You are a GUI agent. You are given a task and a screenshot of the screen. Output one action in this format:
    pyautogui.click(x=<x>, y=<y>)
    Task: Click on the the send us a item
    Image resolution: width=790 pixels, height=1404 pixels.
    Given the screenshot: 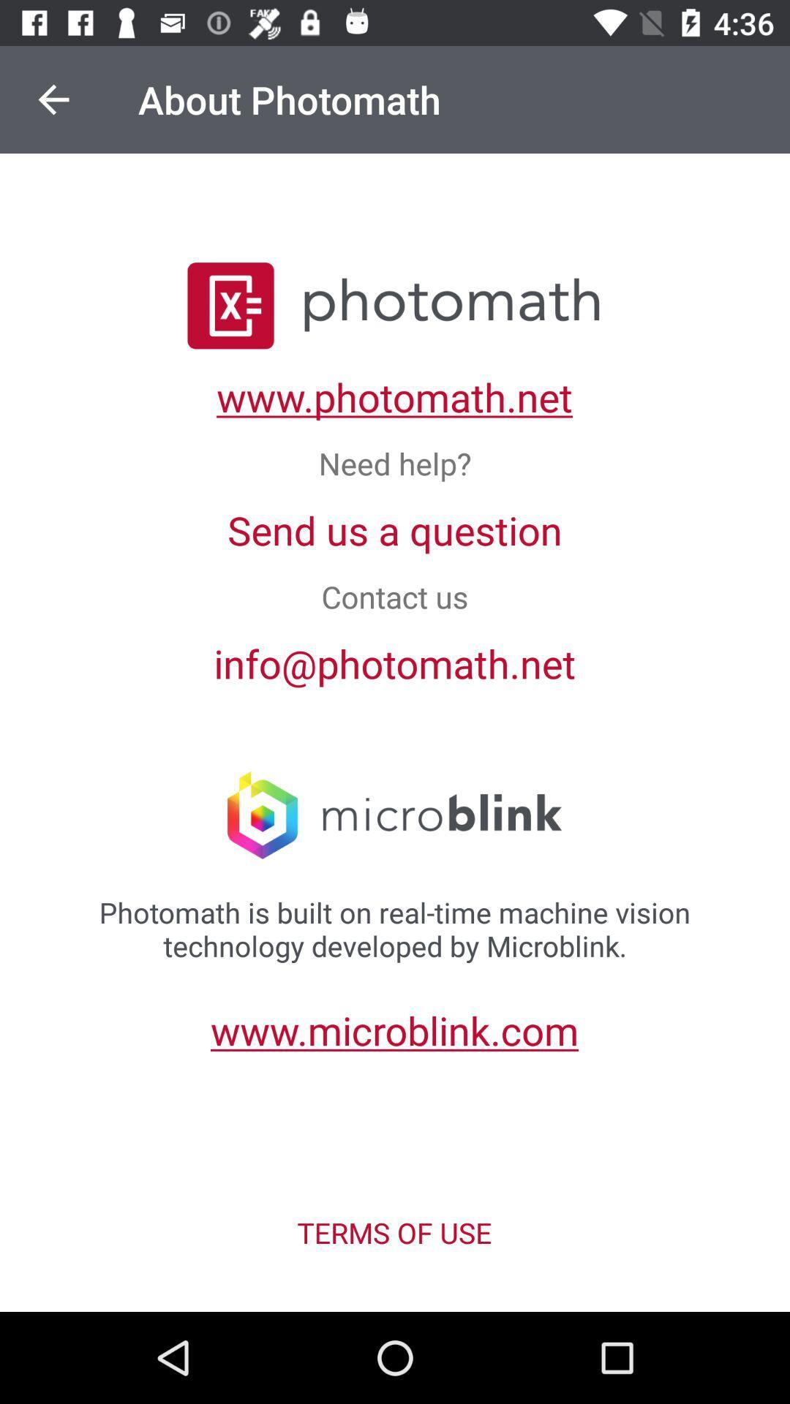 What is the action you would take?
    pyautogui.click(x=395, y=529)
    